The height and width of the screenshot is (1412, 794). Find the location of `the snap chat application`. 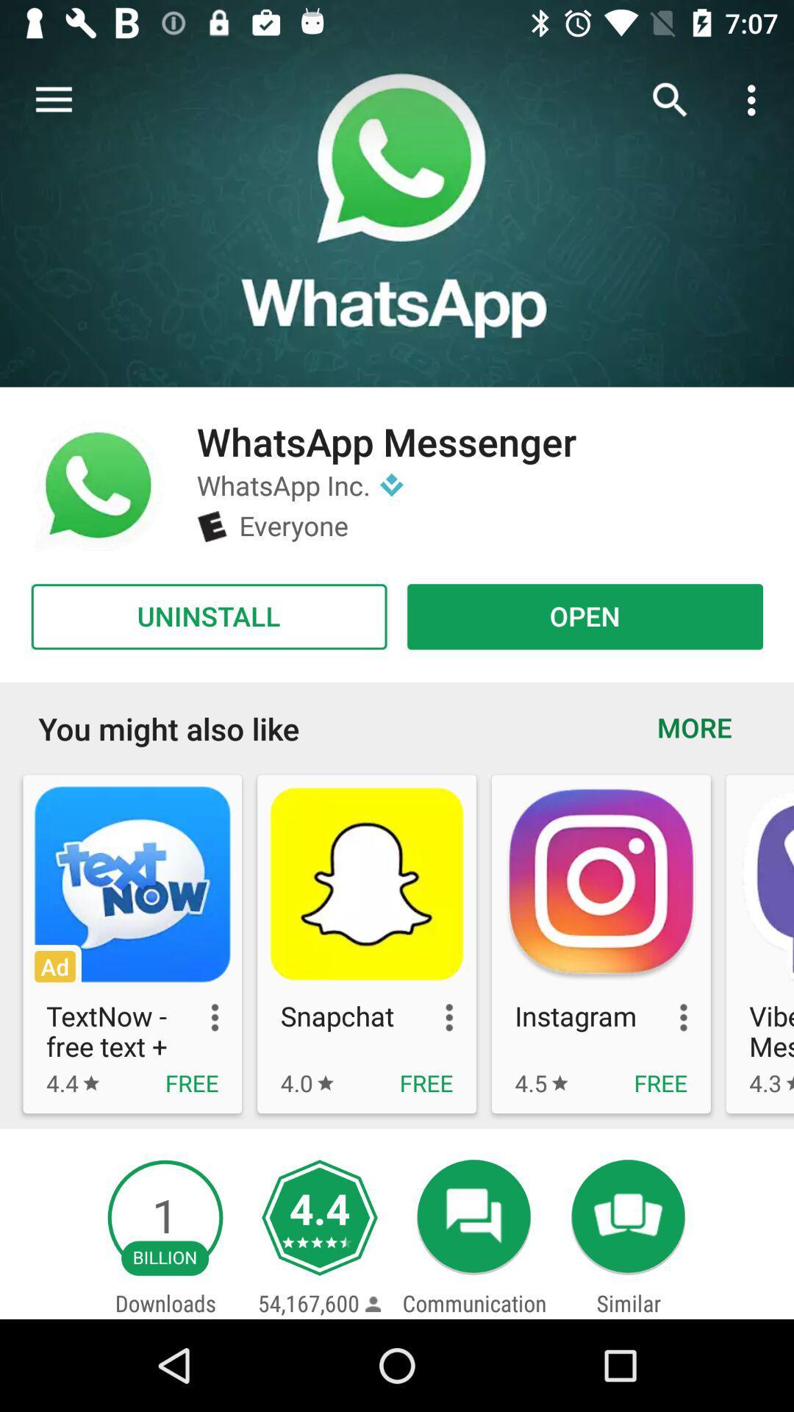

the snap chat application is located at coordinates (366, 944).